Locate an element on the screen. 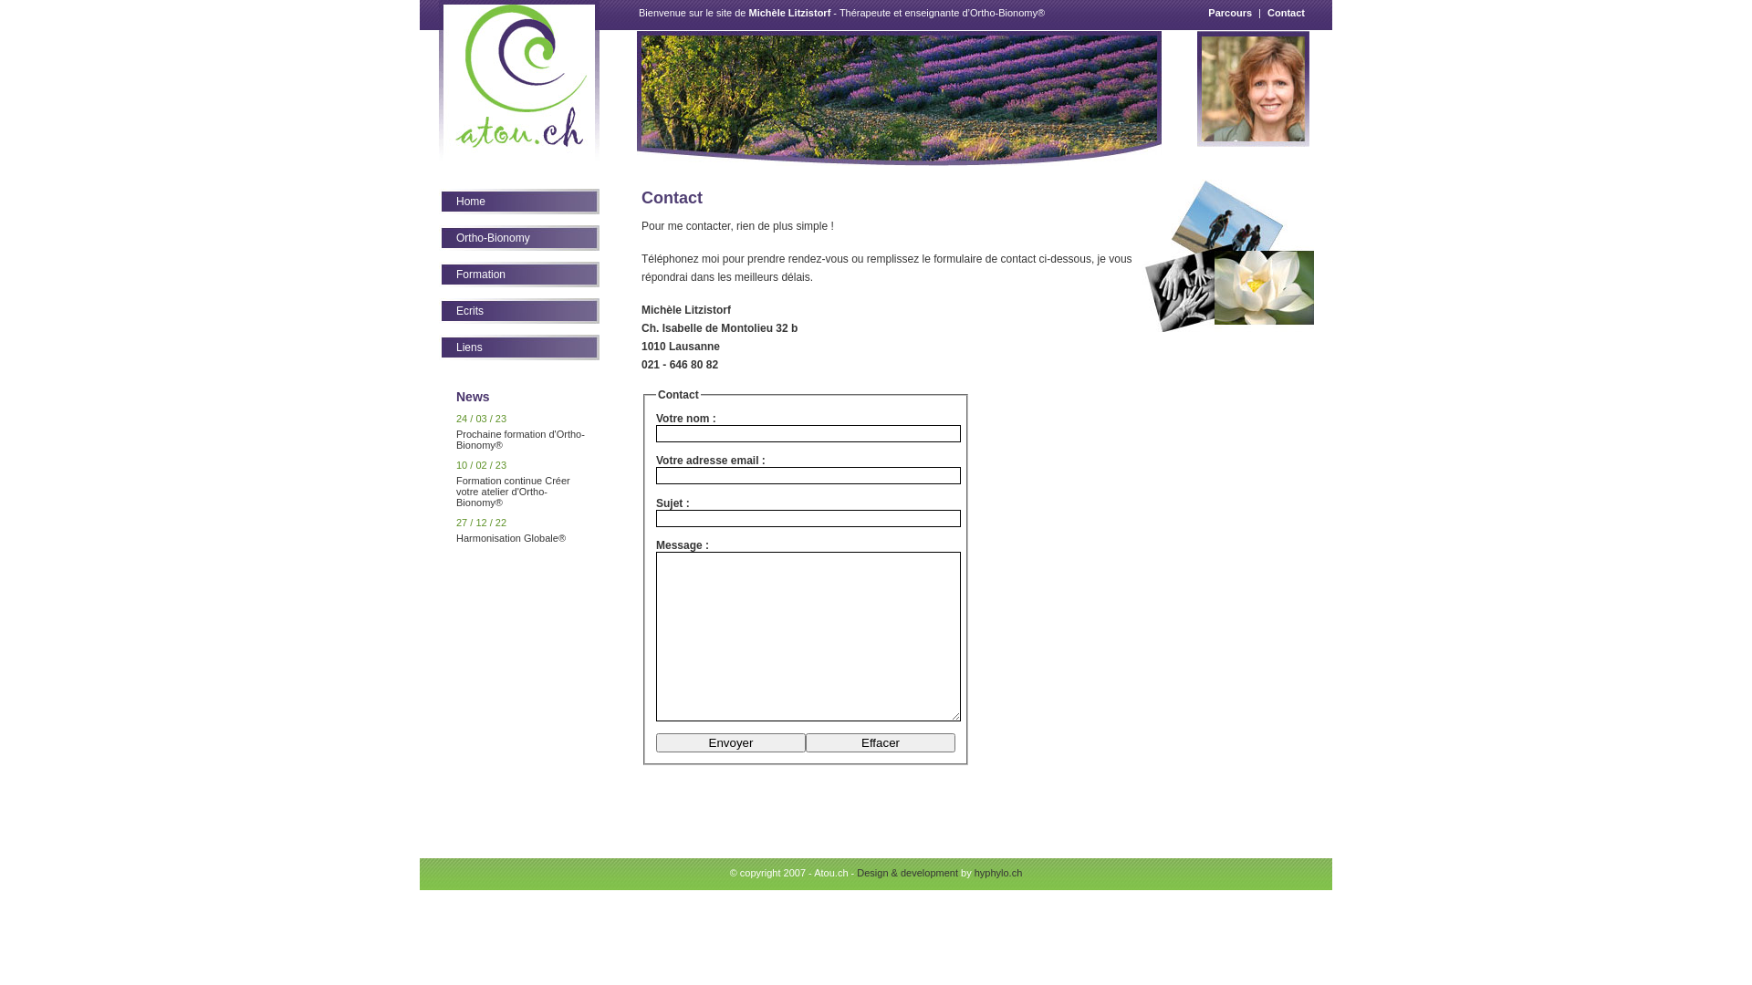 The height and width of the screenshot is (985, 1752). 'Parcours' is located at coordinates (1230, 13).